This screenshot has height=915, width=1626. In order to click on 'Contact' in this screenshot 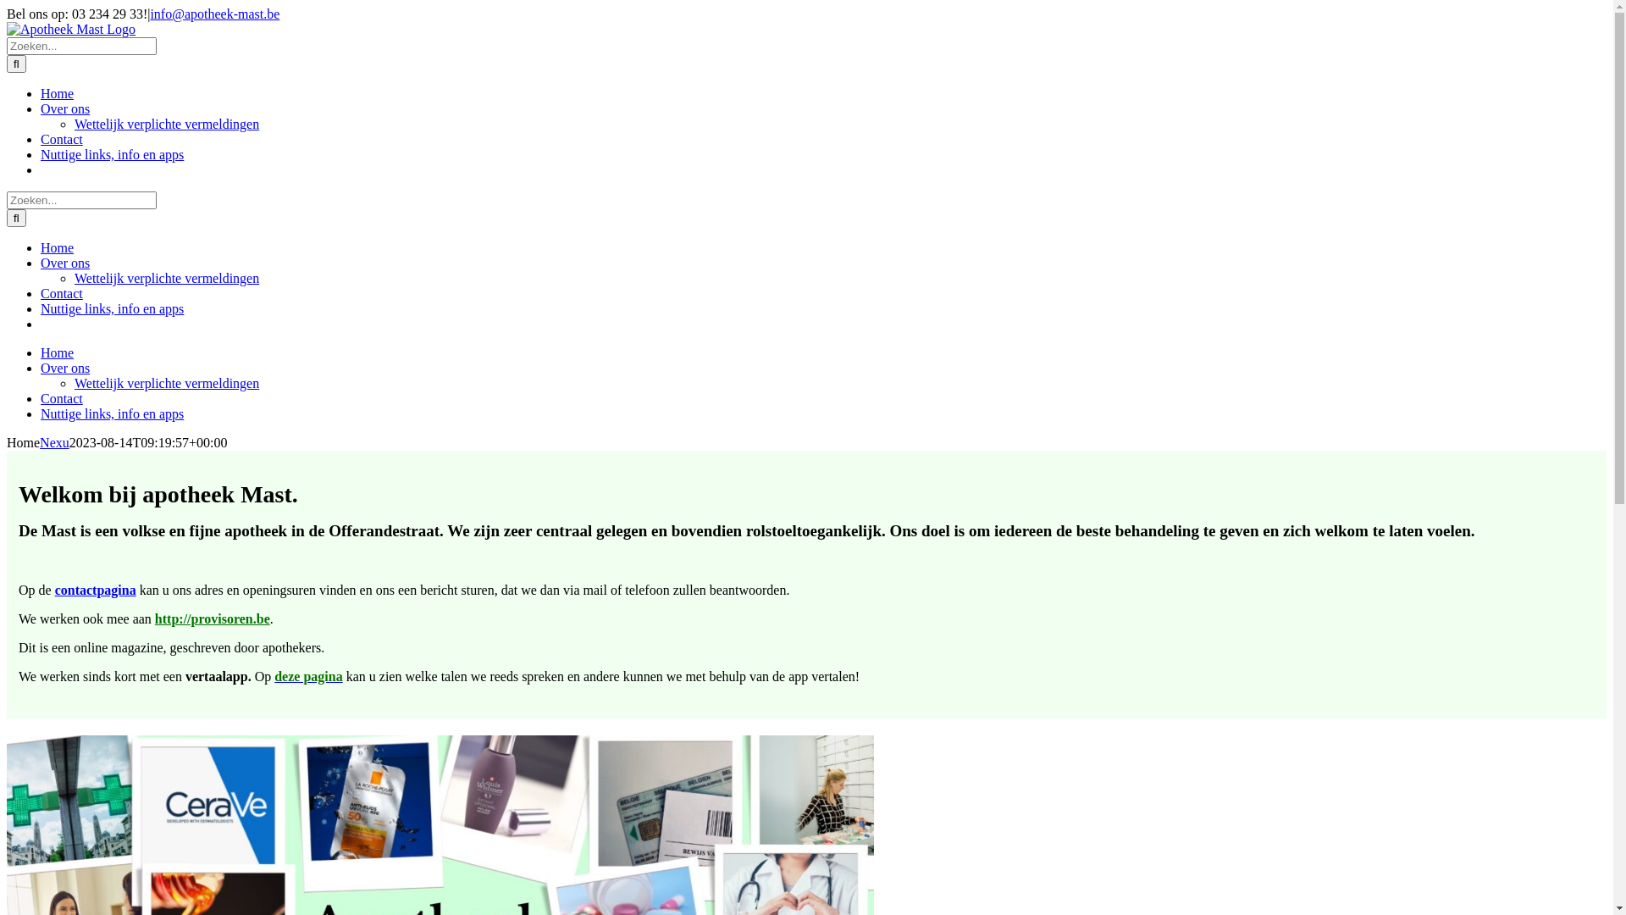, I will do `click(61, 138)`.